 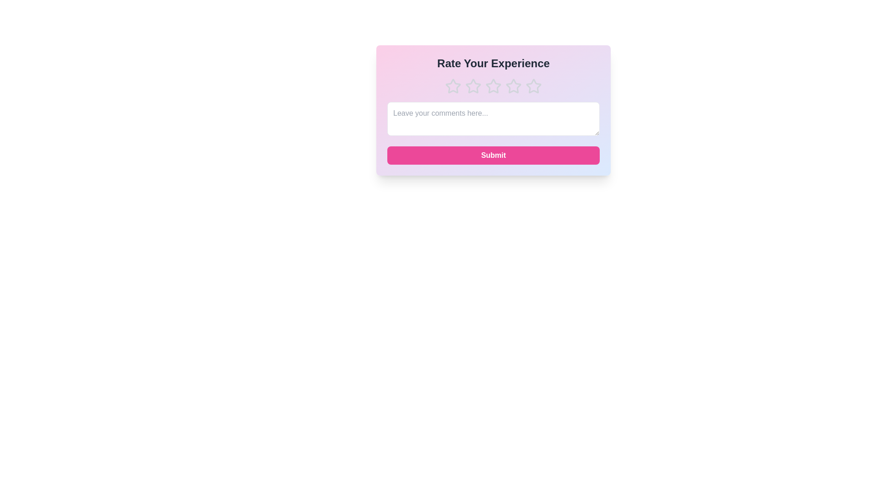 I want to click on the star corresponding to the rating 2 to set the experience rating, so click(x=473, y=86).